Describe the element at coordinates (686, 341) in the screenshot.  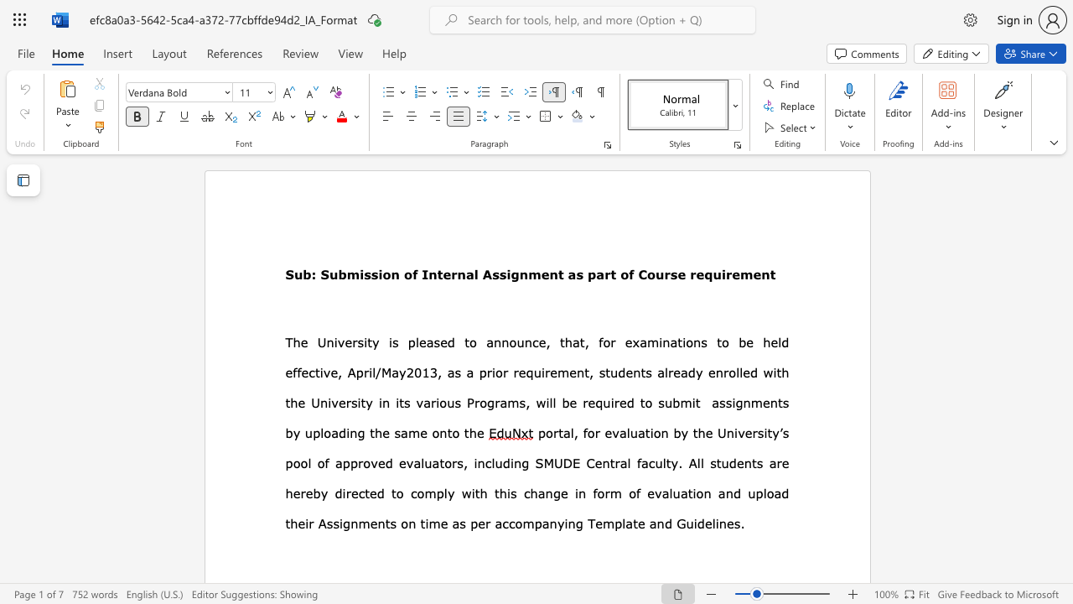
I see `the subset text "ons to be h" within the text ", for examinations to be held effective,"` at that location.